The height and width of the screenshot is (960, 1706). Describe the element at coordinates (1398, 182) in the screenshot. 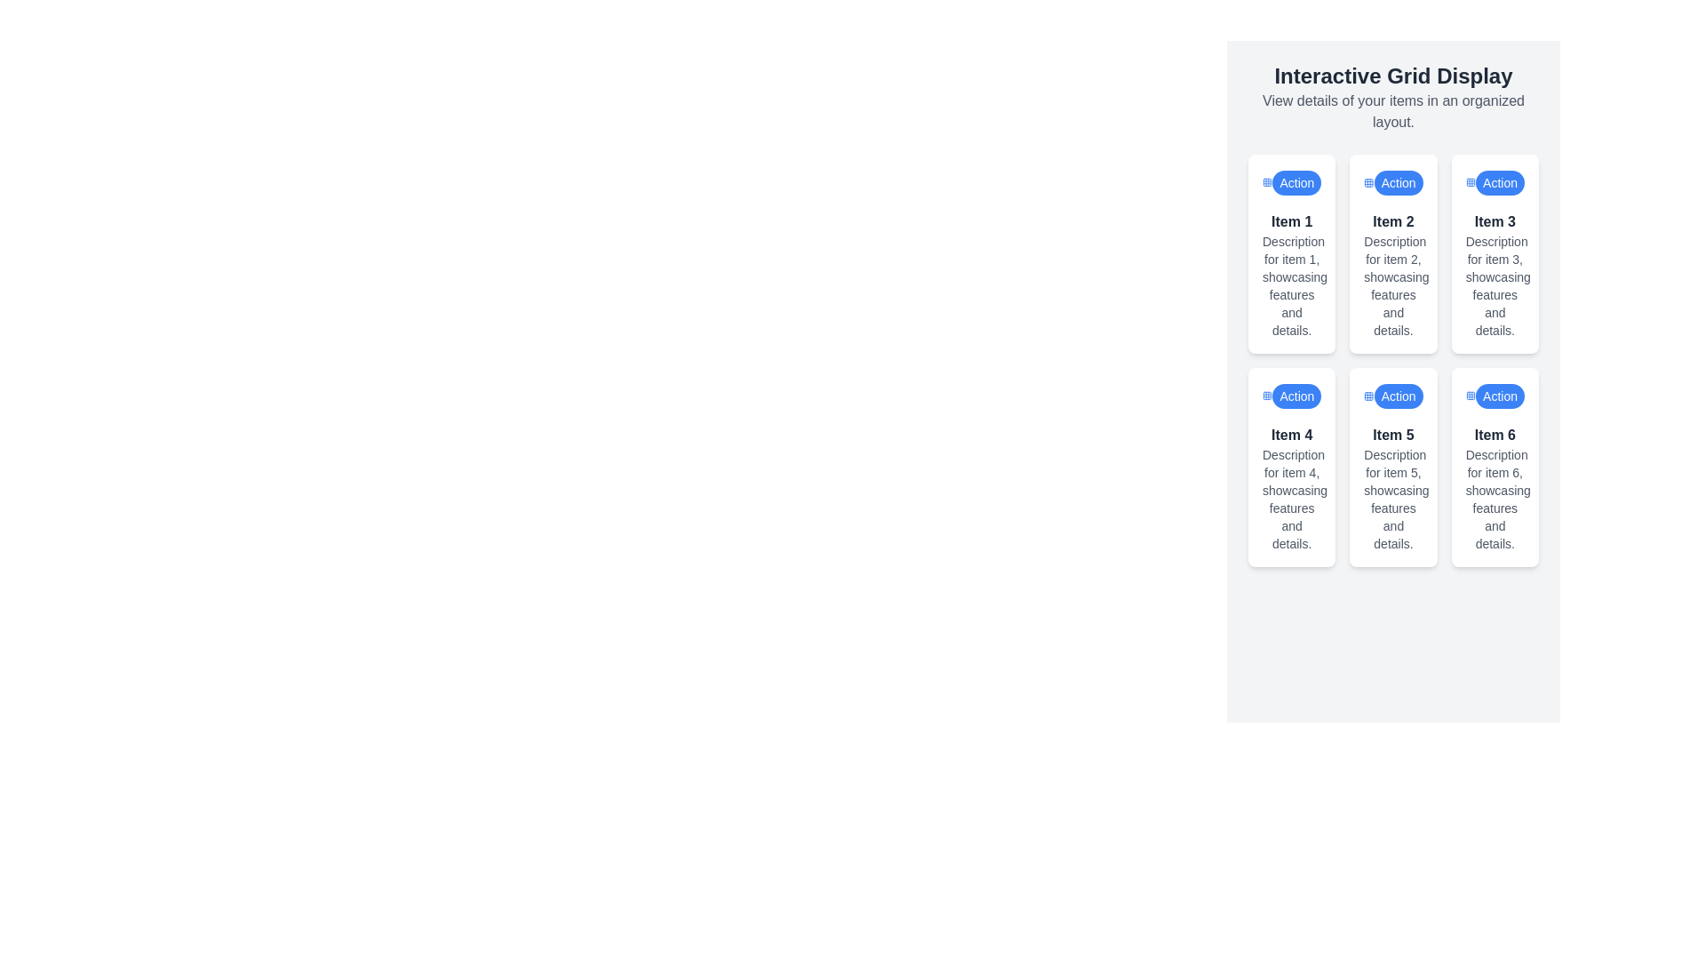

I see `the blue button labeled 'Action' located` at that location.